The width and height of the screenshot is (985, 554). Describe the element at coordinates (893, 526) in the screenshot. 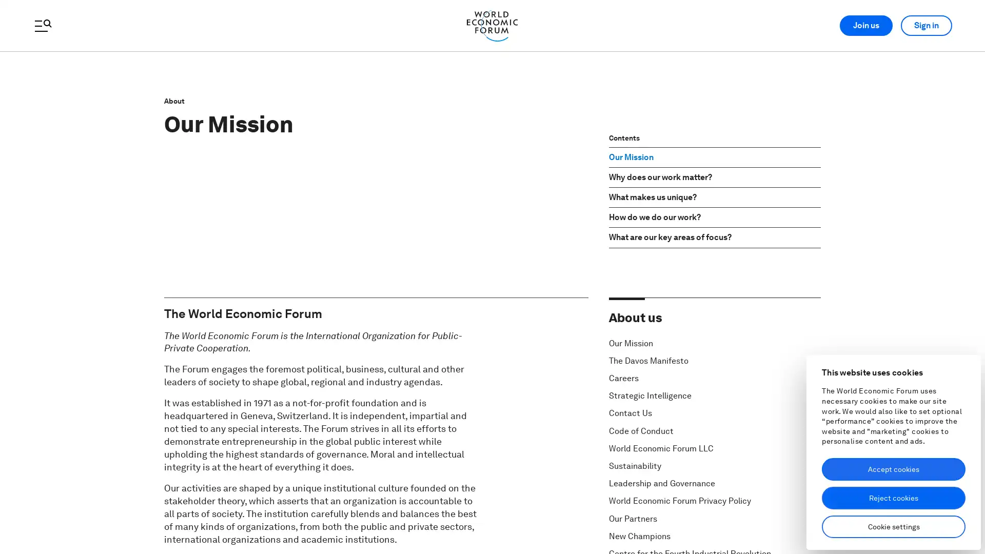

I see `Cookie settings` at that location.